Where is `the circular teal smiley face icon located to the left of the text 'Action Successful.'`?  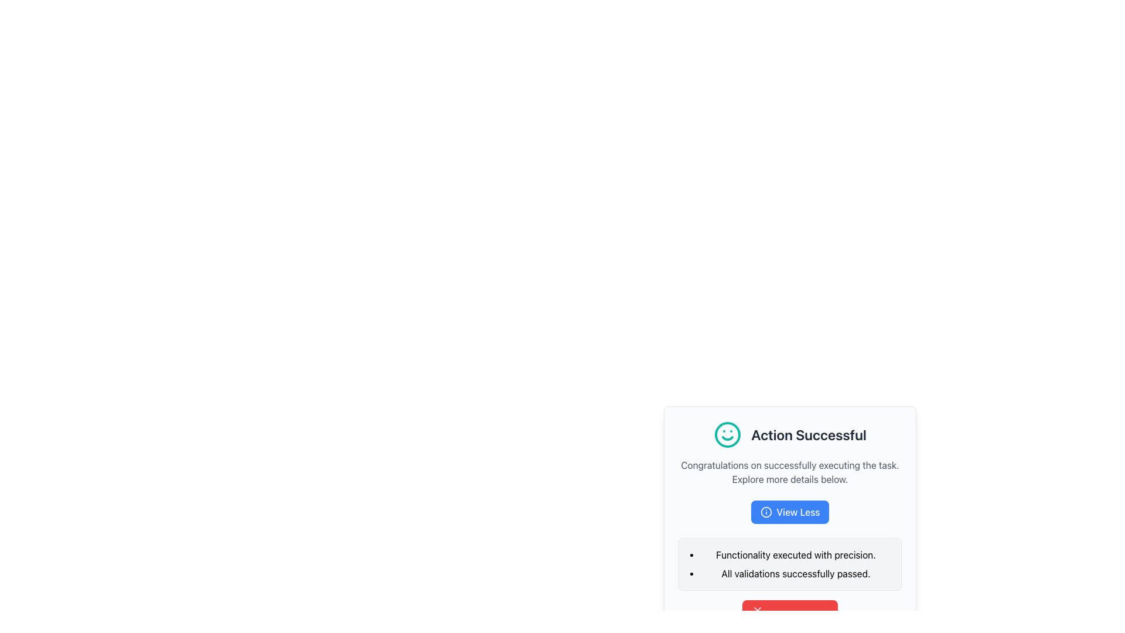 the circular teal smiley face icon located to the left of the text 'Action Successful.' is located at coordinates (727, 434).